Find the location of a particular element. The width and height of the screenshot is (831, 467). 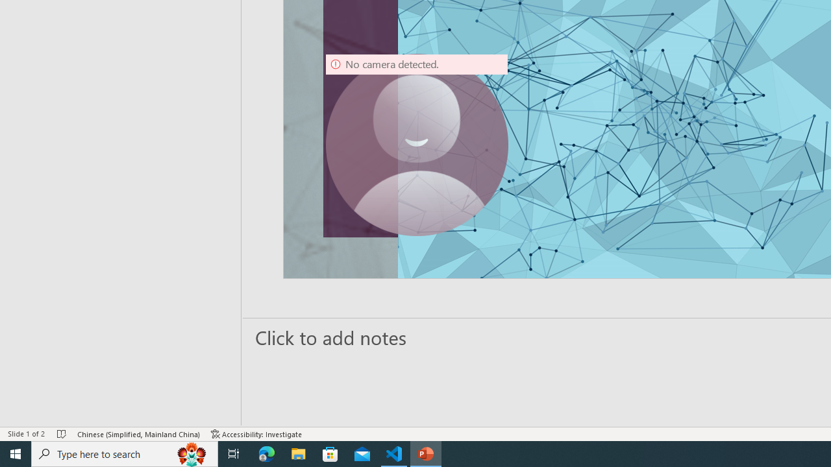

'Accessibility Checker Accessibility: Investigate' is located at coordinates (256, 434).